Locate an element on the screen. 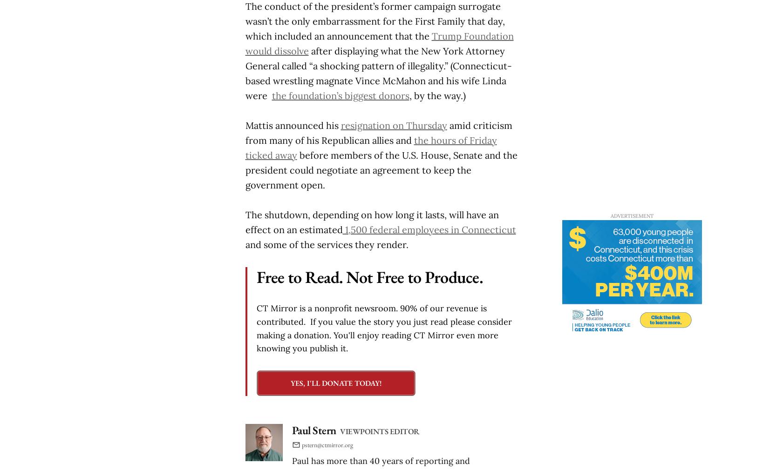 The height and width of the screenshot is (470, 770). 'Mattis announced his' is located at coordinates (292, 125).